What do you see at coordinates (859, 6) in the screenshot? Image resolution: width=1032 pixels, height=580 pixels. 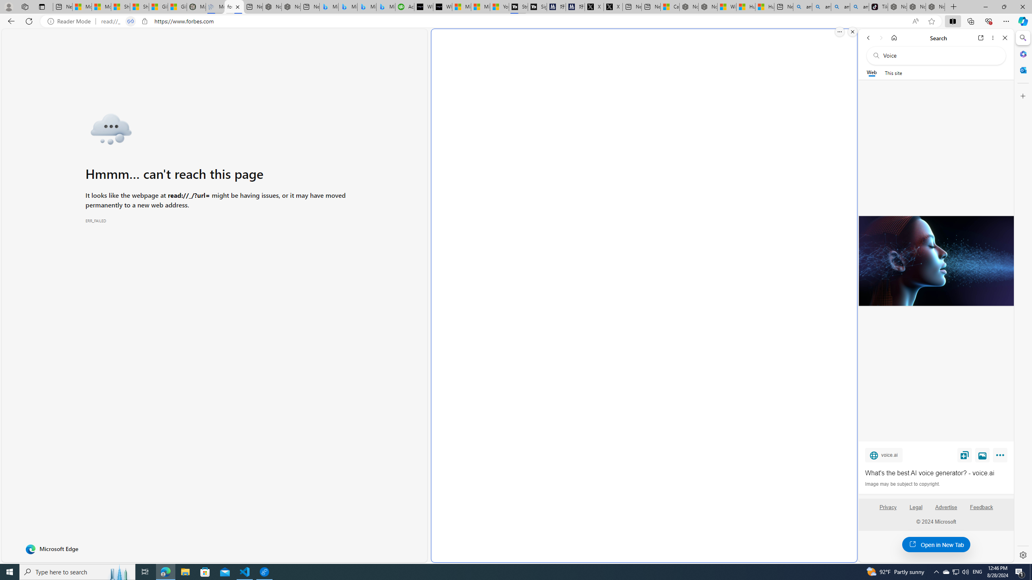 I see `'amazon - Search Images'` at bounding box center [859, 6].